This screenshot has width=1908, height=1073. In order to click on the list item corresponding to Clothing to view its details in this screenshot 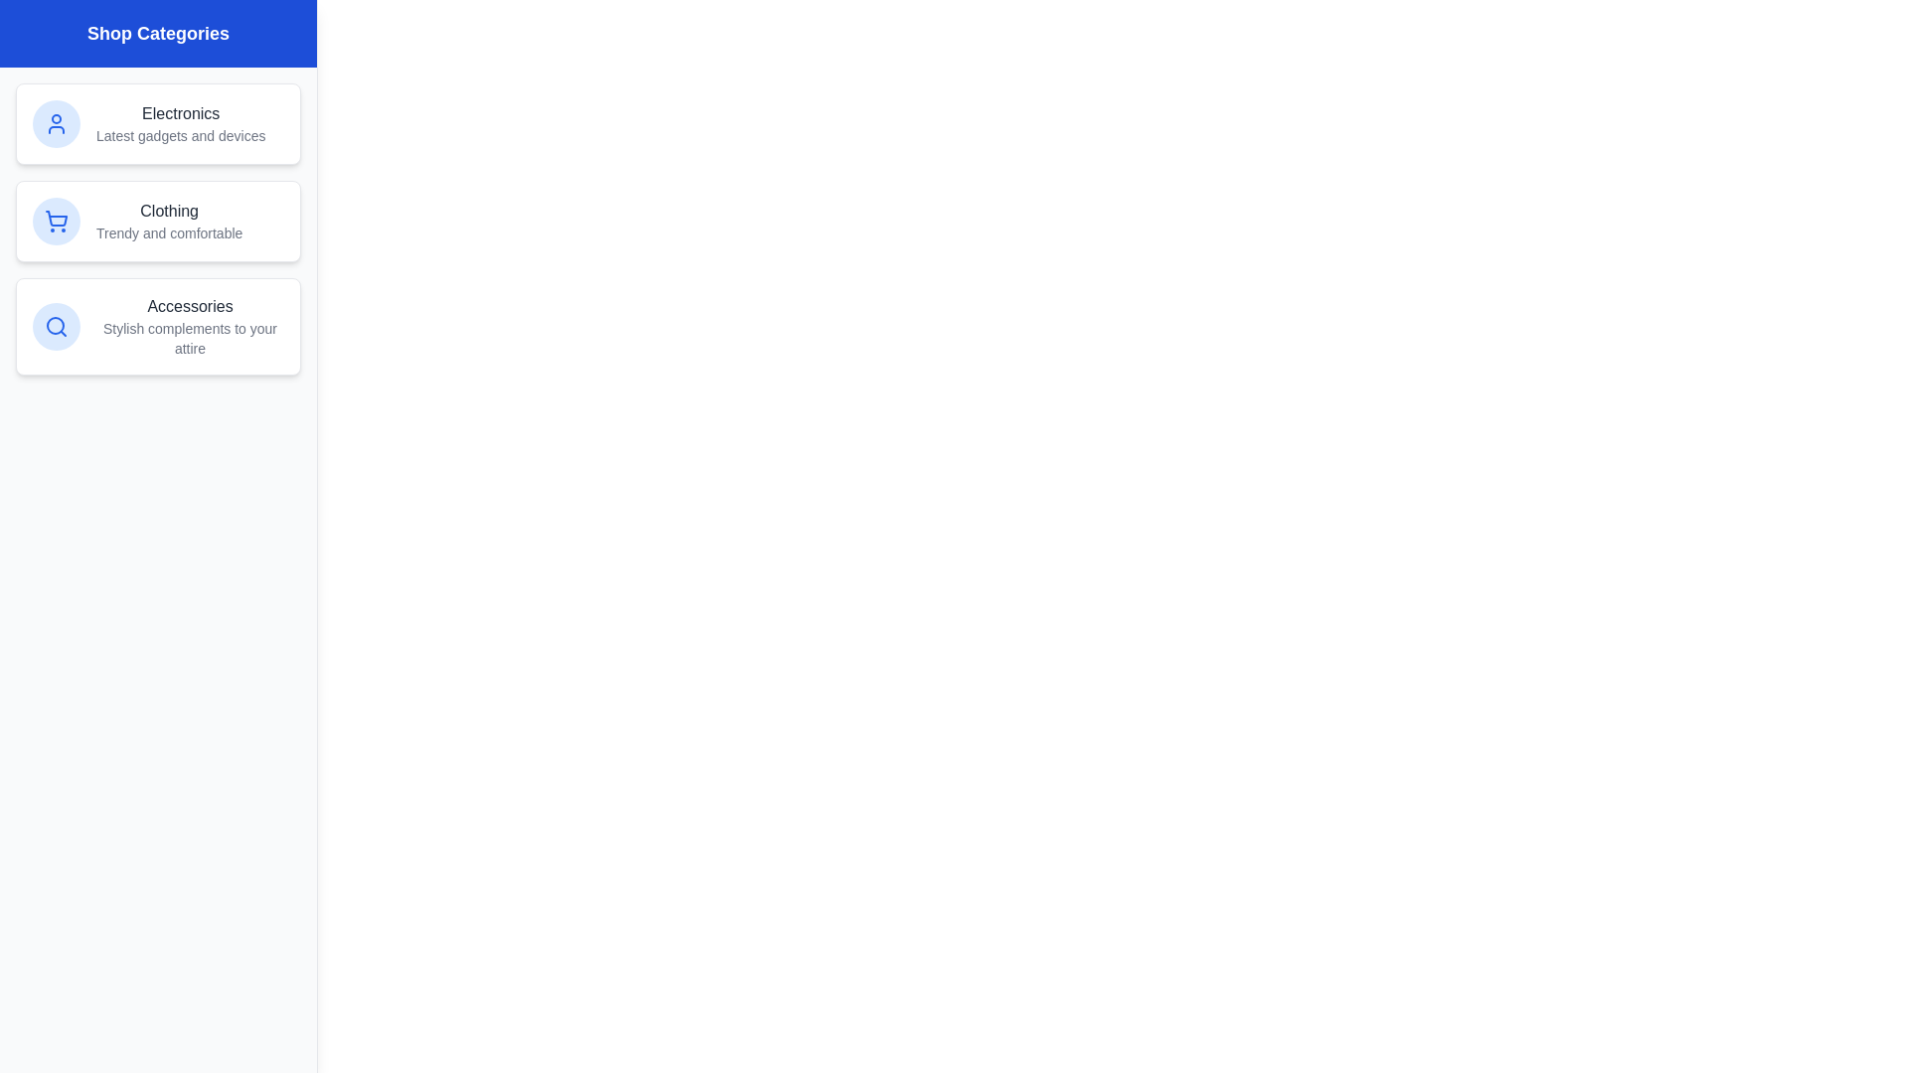, I will do `click(157, 222)`.